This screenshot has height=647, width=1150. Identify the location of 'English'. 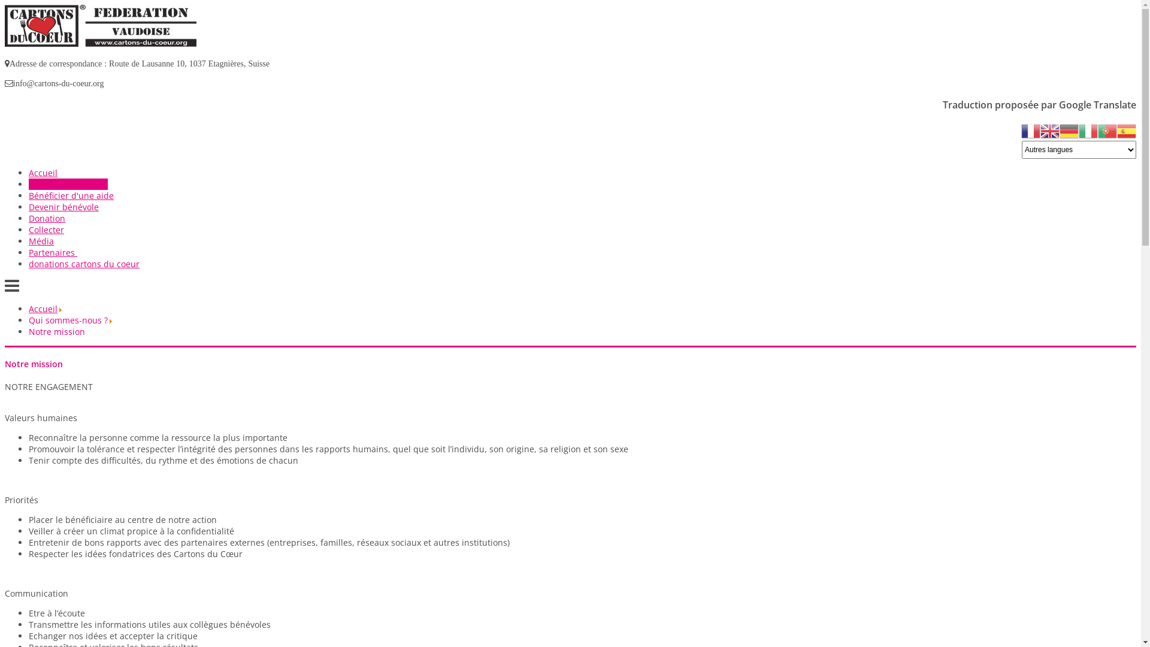
(1040, 130).